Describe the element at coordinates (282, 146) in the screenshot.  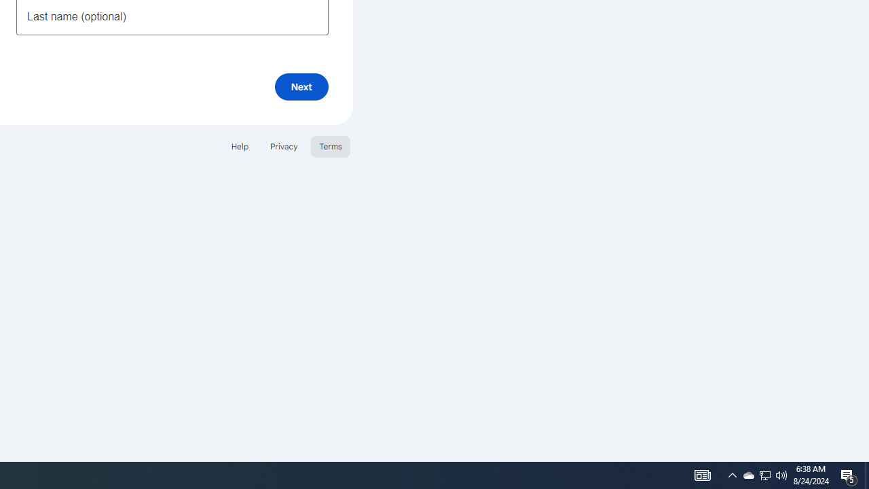
I see `'Privacy'` at that location.